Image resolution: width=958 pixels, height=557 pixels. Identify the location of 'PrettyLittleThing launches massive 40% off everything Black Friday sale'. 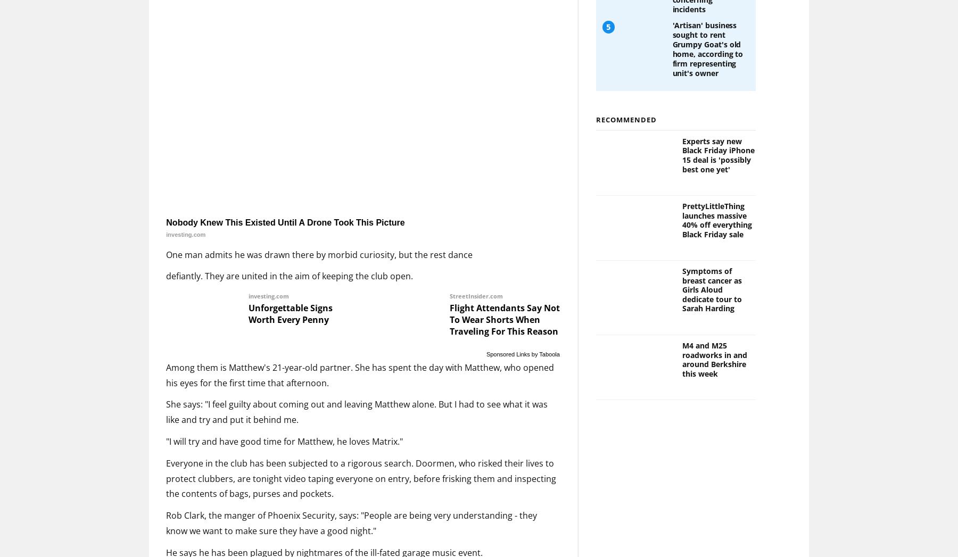
(716, 304).